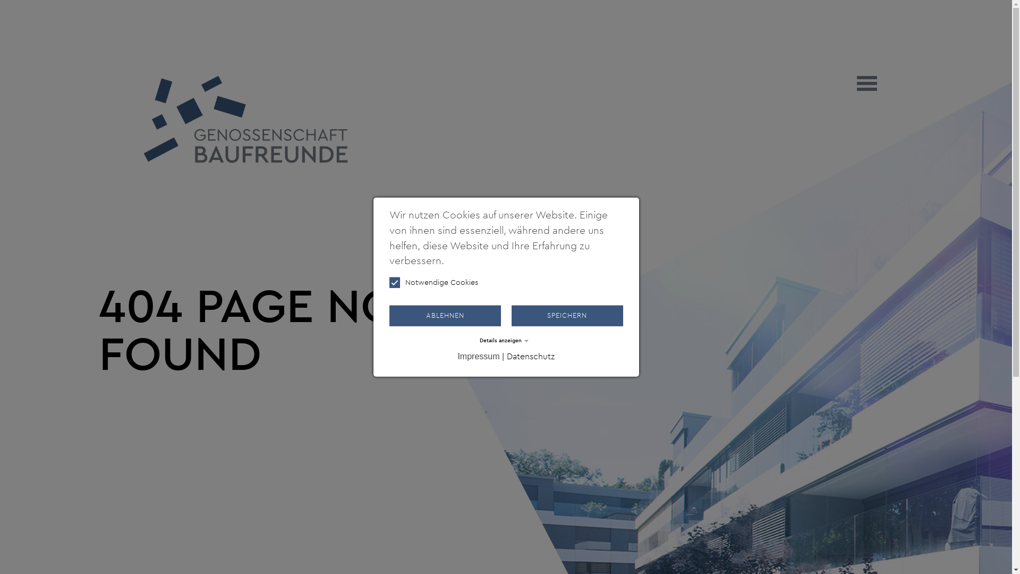  I want to click on 'Toggle navigation', so click(867, 83).